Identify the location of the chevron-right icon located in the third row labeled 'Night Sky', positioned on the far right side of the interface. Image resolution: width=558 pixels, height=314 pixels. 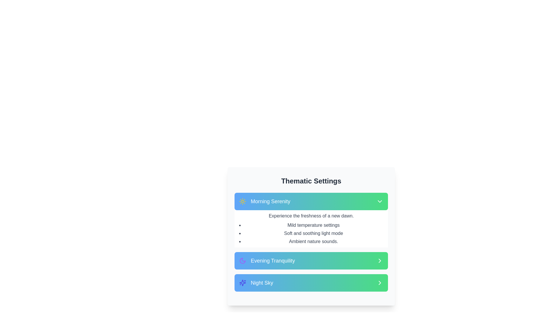
(380, 282).